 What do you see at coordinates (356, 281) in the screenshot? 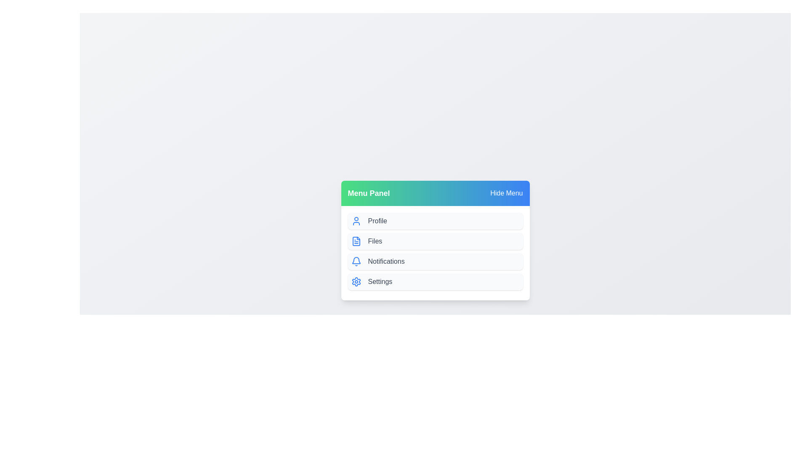
I see `the icon next to the menu item Settings` at bounding box center [356, 281].